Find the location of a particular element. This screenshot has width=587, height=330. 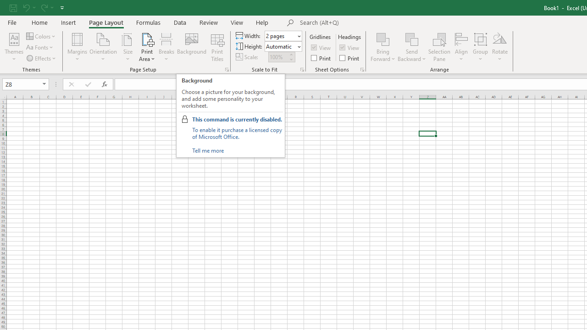

'Width' is located at coordinates (280, 35).